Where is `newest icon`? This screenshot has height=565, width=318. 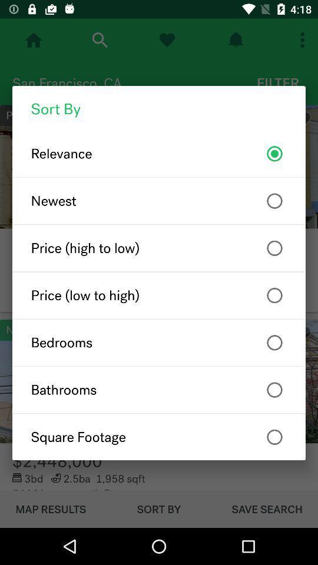
newest icon is located at coordinates (159, 201).